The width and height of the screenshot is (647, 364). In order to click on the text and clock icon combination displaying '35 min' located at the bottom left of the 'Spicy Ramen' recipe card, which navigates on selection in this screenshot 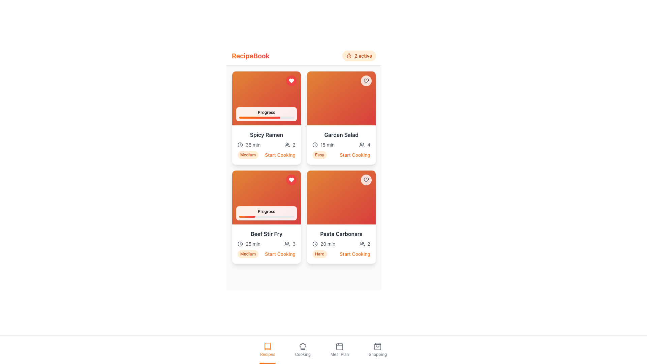, I will do `click(249, 144)`.